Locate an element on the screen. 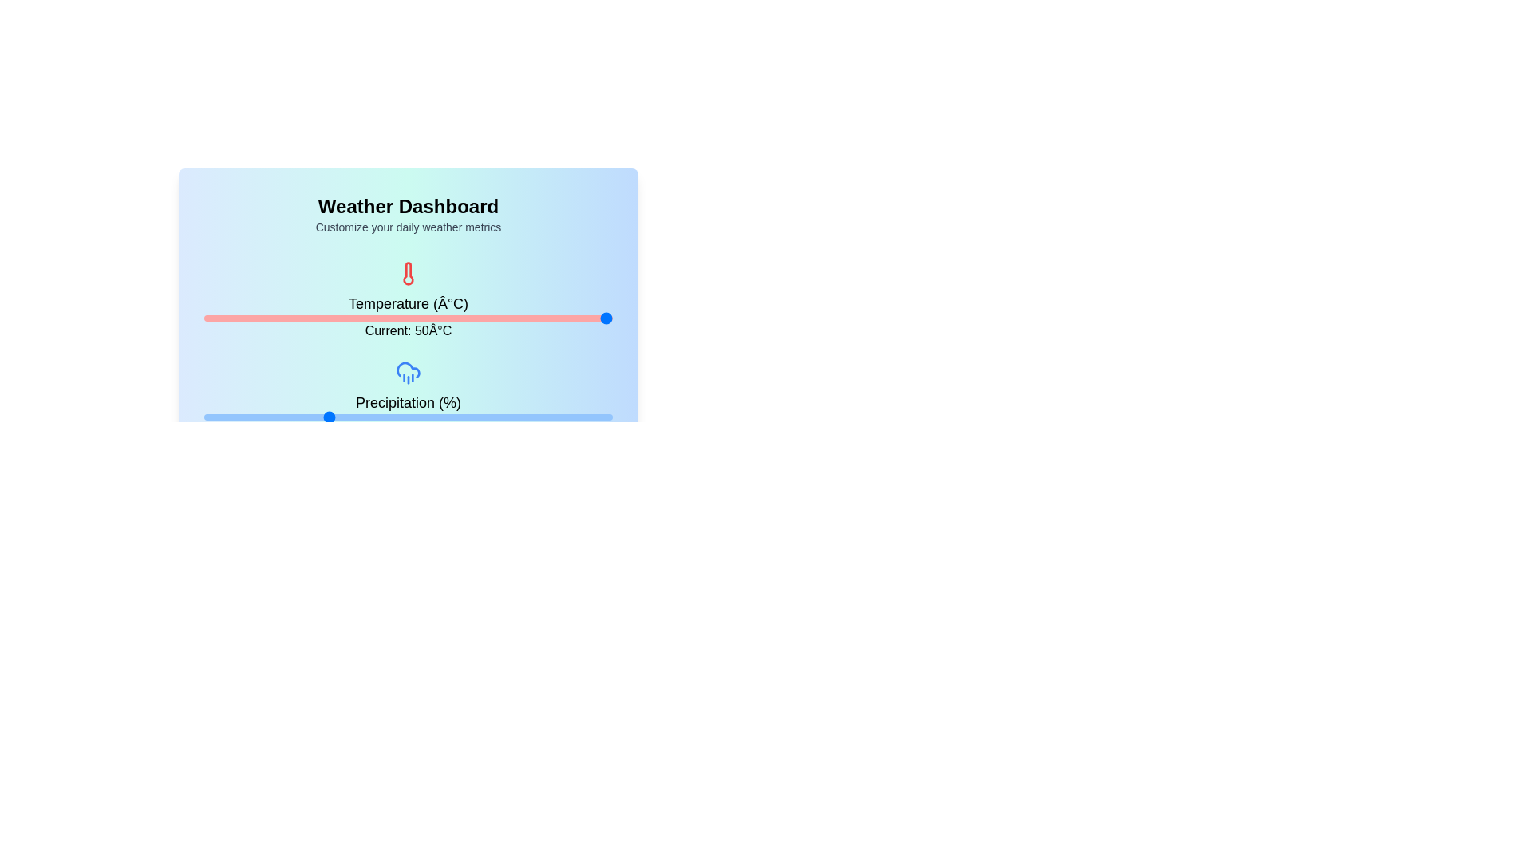  the precipitation level is located at coordinates (460, 417).